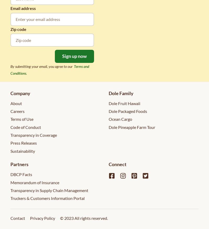 This screenshot has width=209, height=229. Describe the element at coordinates (152, 175) in the screenshot. I see `'Twitter'` at that location.